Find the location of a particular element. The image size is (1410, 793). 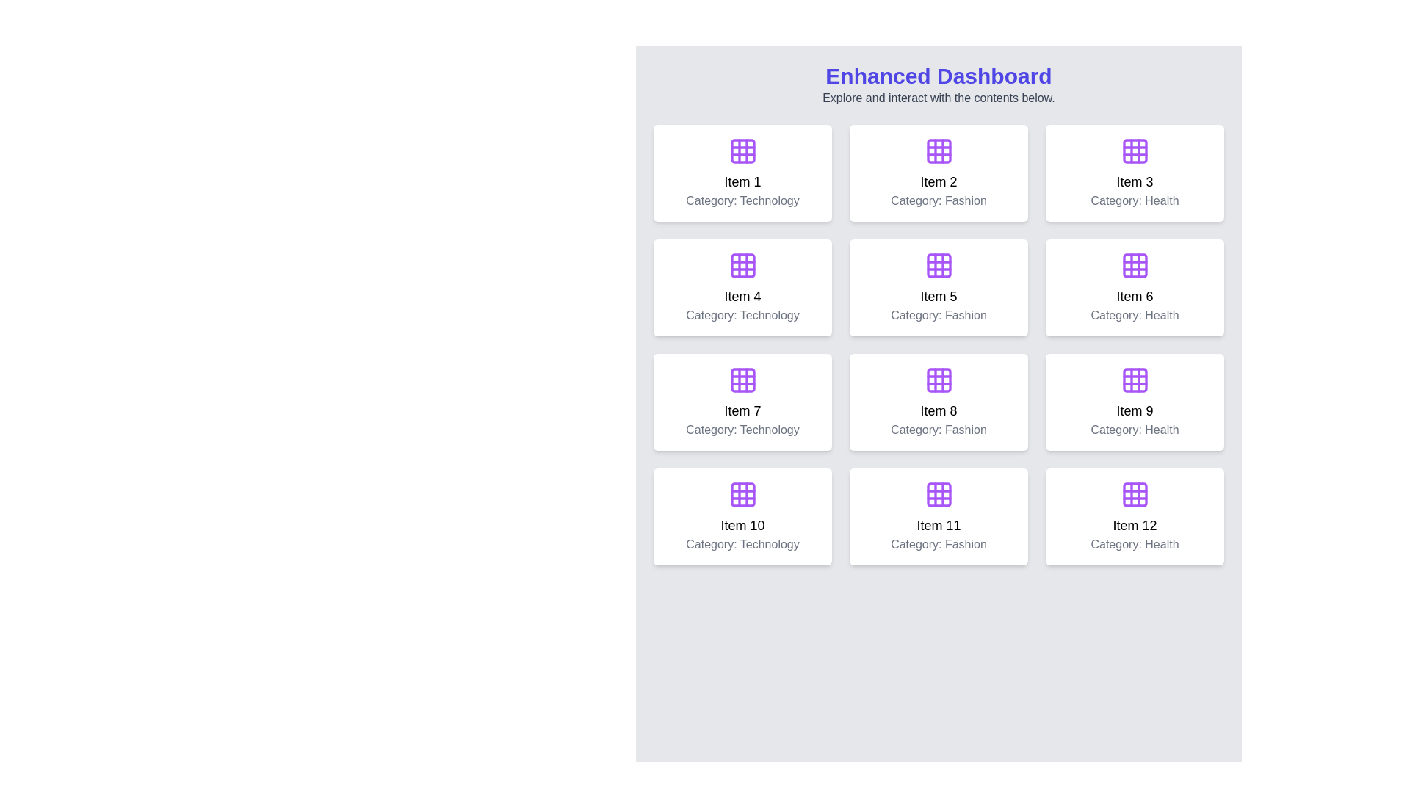

the purple square-shaped icon representing a 3x3 grid layout in cell 8 of a 4x3 arrangement is located at coordinates (938, 379).